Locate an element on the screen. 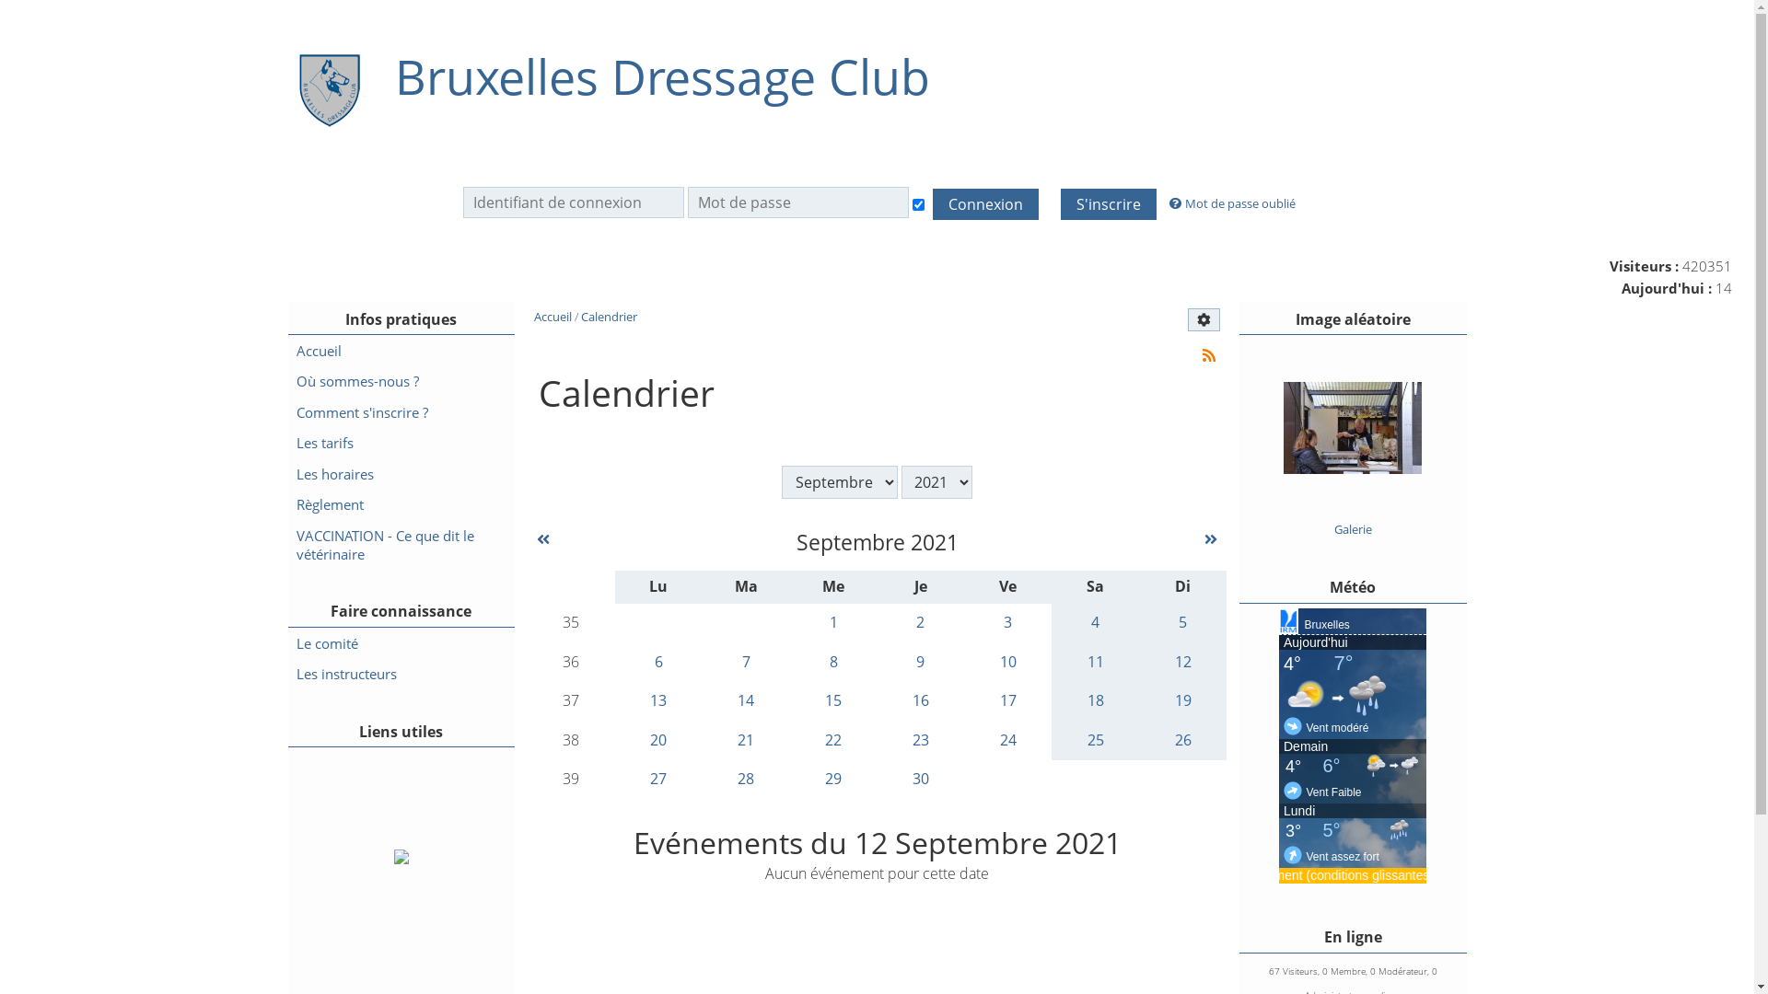 This screenshot has height=994, width=1768. 'Les instructeurs' is located at coordinates (400, 674).